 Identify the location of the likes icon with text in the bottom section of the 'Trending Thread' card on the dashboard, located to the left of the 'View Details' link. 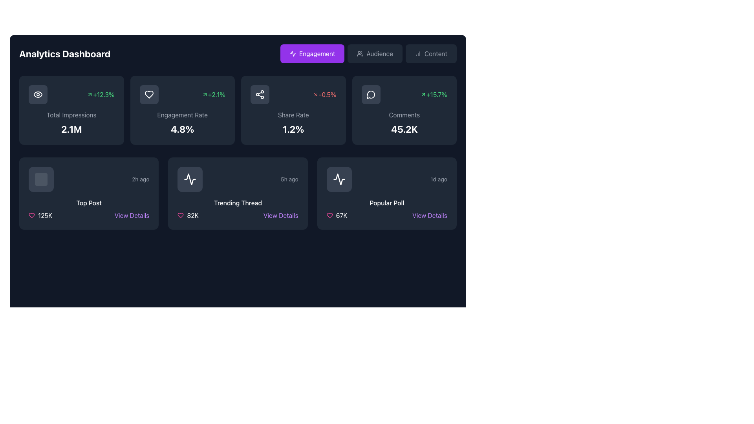
(188, 215).